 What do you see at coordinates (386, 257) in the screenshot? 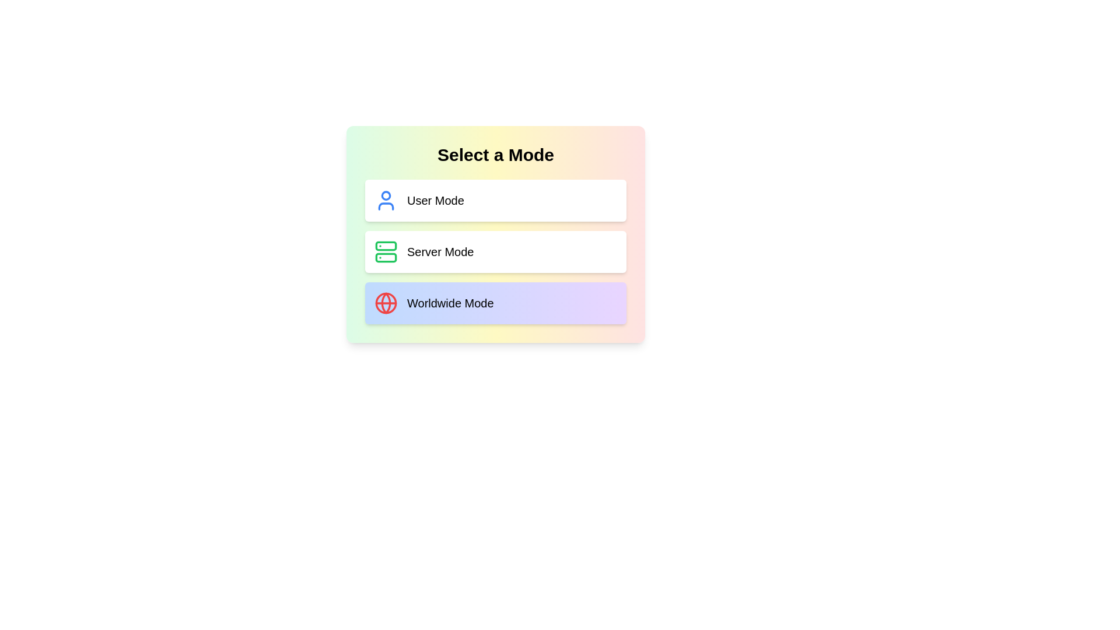
I see `the second rectangular SVG element in the server icon, which is styled in green and positioned in the vertical menu between 'User Mode' and 'Worldwide Mode'` at bounding box center [386, 257].